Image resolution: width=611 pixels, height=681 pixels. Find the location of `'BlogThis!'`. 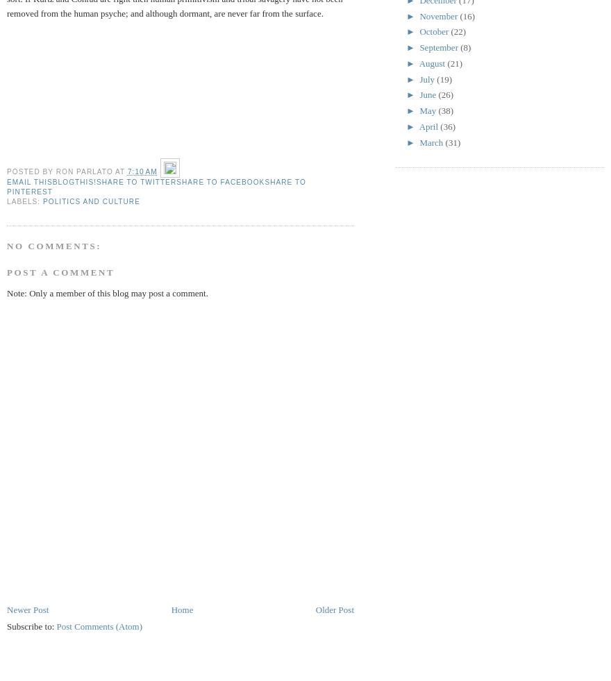

'BlogThis!' is located at coordinates (51, 180).